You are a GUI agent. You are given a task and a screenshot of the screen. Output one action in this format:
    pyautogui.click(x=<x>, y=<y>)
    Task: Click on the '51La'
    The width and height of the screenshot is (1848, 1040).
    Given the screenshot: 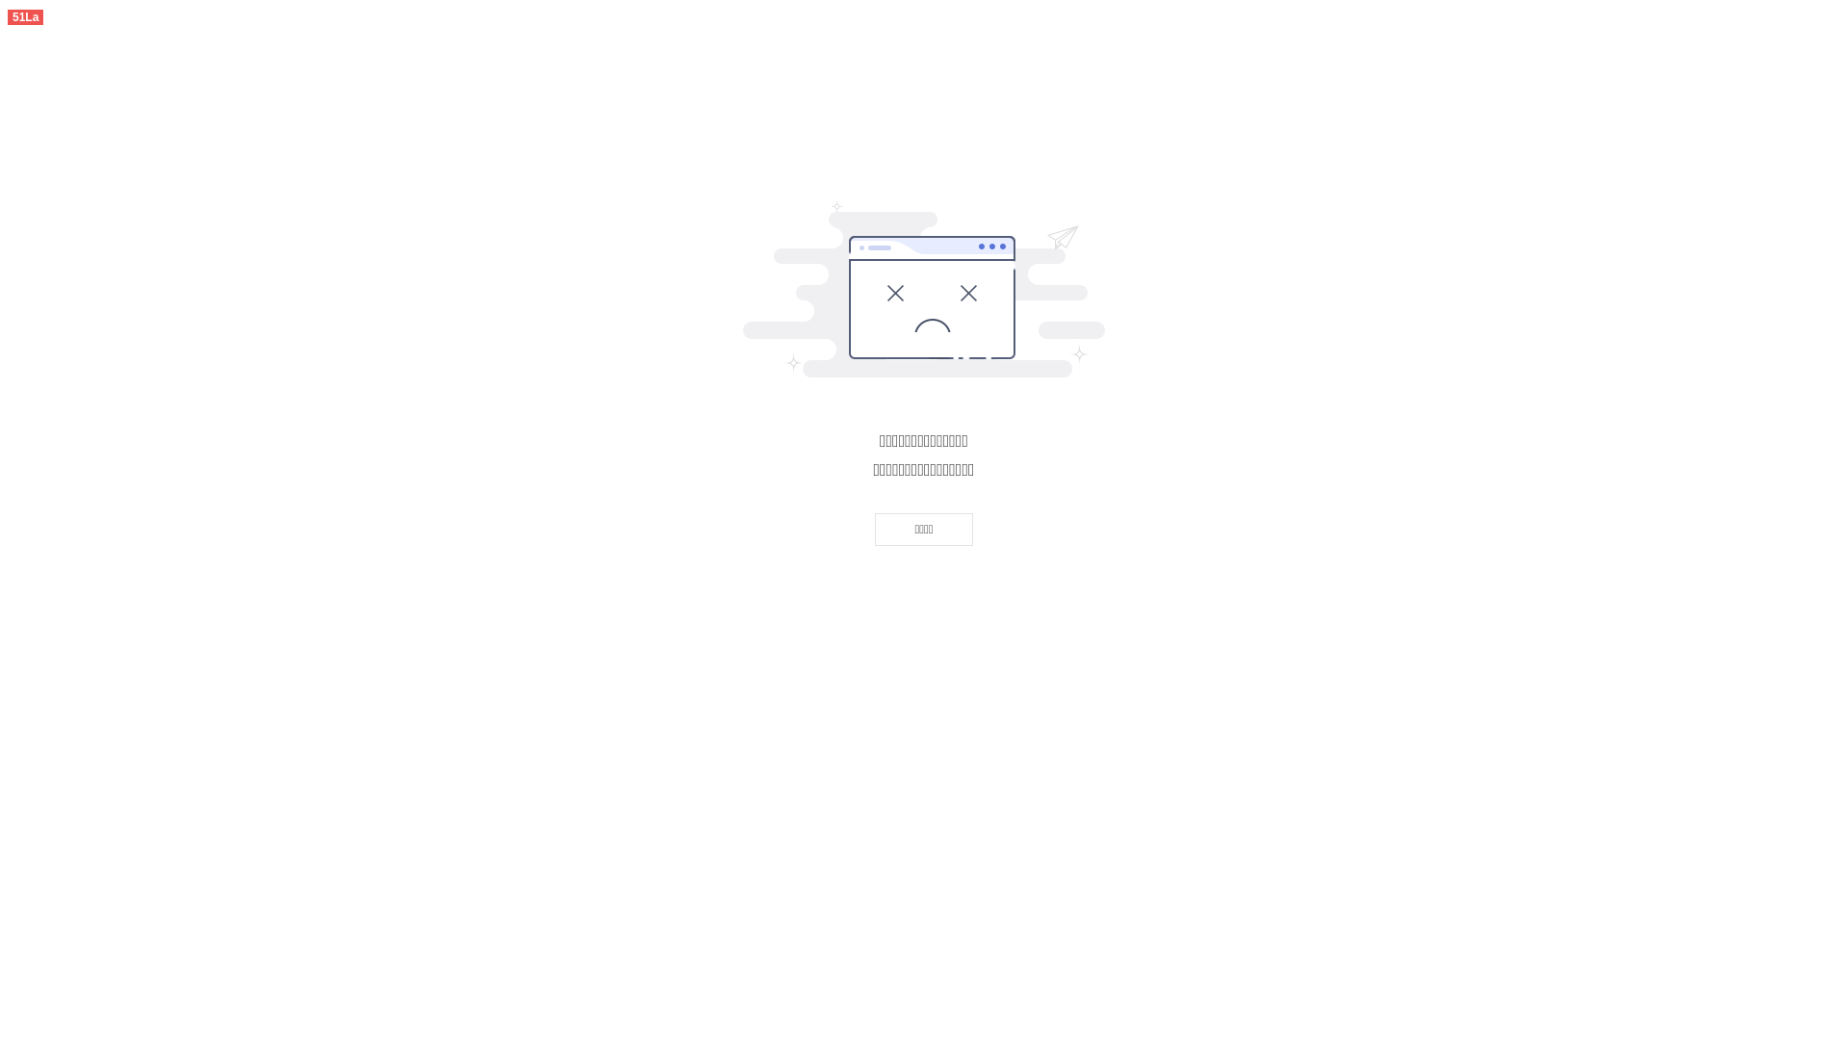 What is the action you would take?
    pyautogui.click(x=25, y=15)
    